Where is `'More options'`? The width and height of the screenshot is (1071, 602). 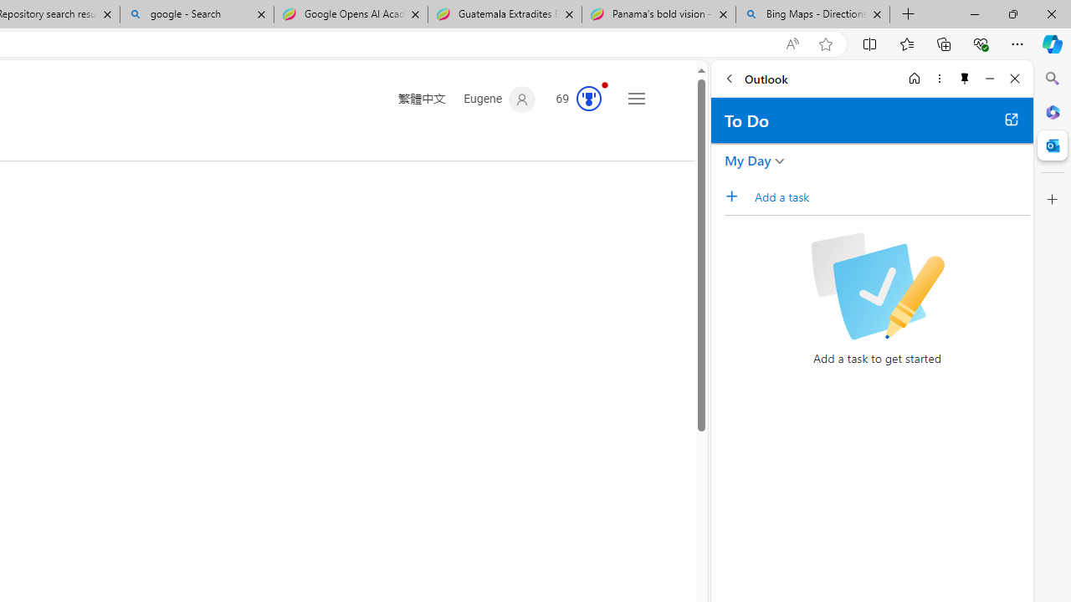
'More options' is located at coordinates (939, 78).